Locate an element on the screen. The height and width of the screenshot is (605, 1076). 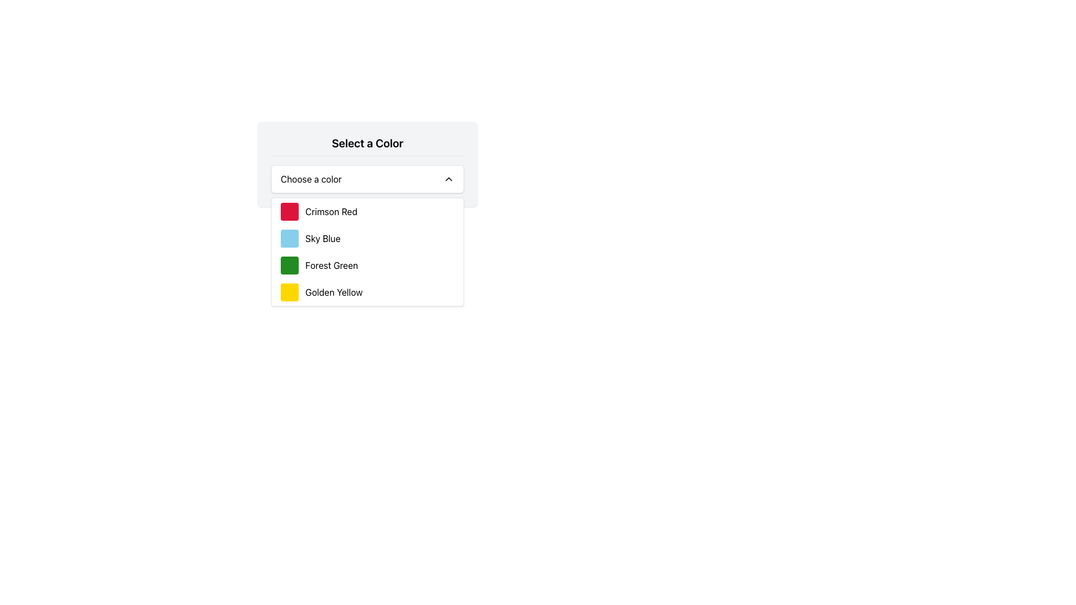
the selectable list item displaying 'Forest Green' is located at coordinates (331, 266).